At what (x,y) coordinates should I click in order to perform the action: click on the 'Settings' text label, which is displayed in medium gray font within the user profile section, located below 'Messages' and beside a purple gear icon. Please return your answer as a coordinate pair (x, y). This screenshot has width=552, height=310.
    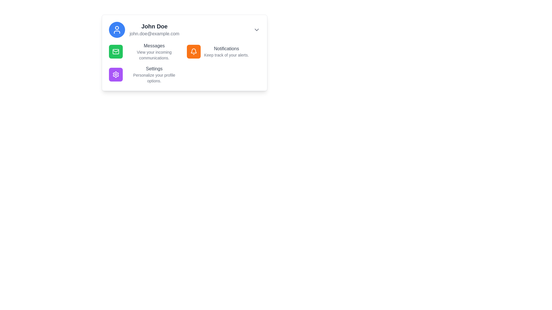
    Looking at the image, I should click on (154, 68).